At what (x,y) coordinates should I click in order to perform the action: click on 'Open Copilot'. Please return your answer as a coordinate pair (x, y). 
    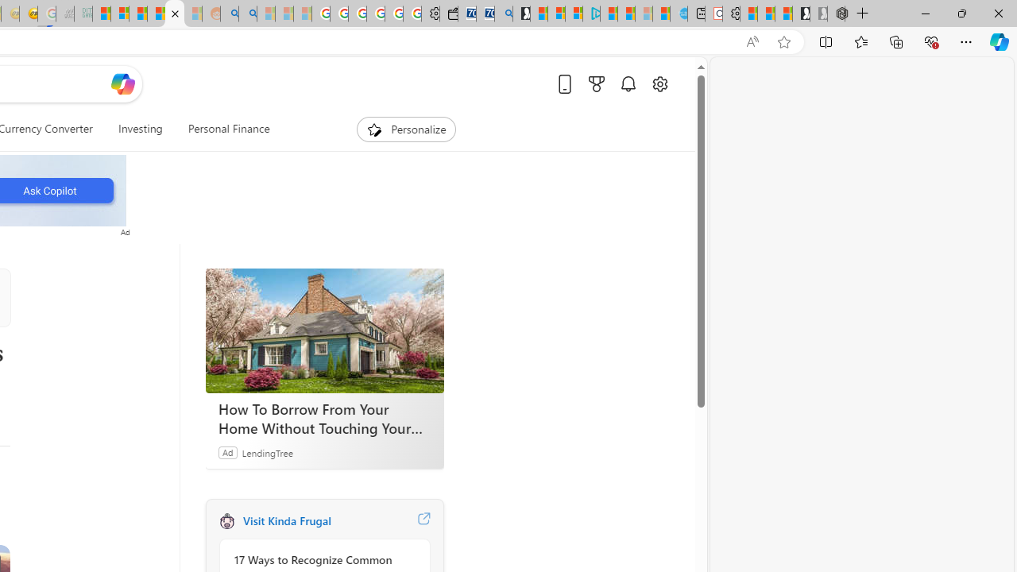
    Looking at the image, I should click on (122, 83).